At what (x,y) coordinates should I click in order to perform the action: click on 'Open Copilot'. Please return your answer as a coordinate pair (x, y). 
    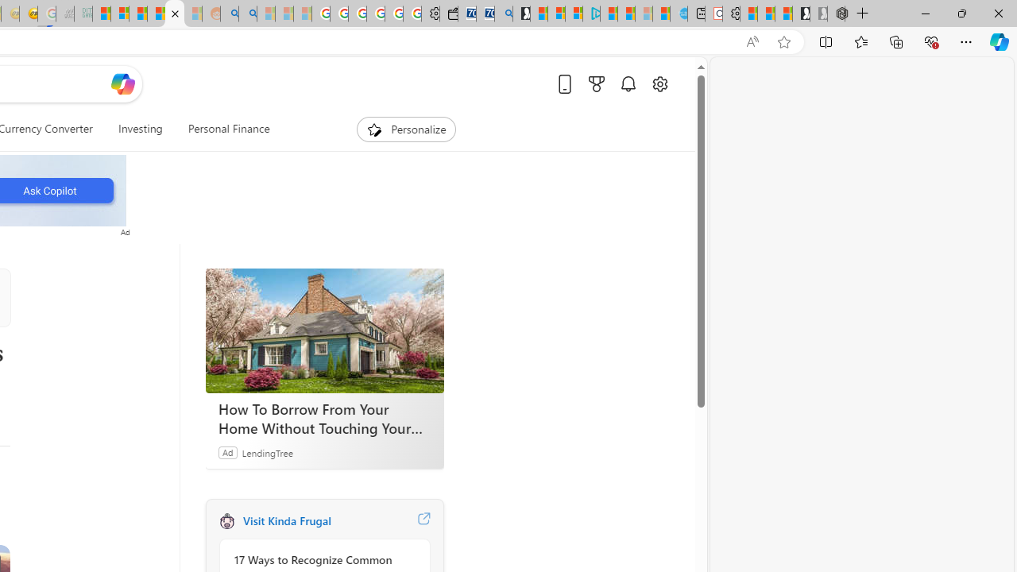
    Looking at the image, I should click on (122, 83).